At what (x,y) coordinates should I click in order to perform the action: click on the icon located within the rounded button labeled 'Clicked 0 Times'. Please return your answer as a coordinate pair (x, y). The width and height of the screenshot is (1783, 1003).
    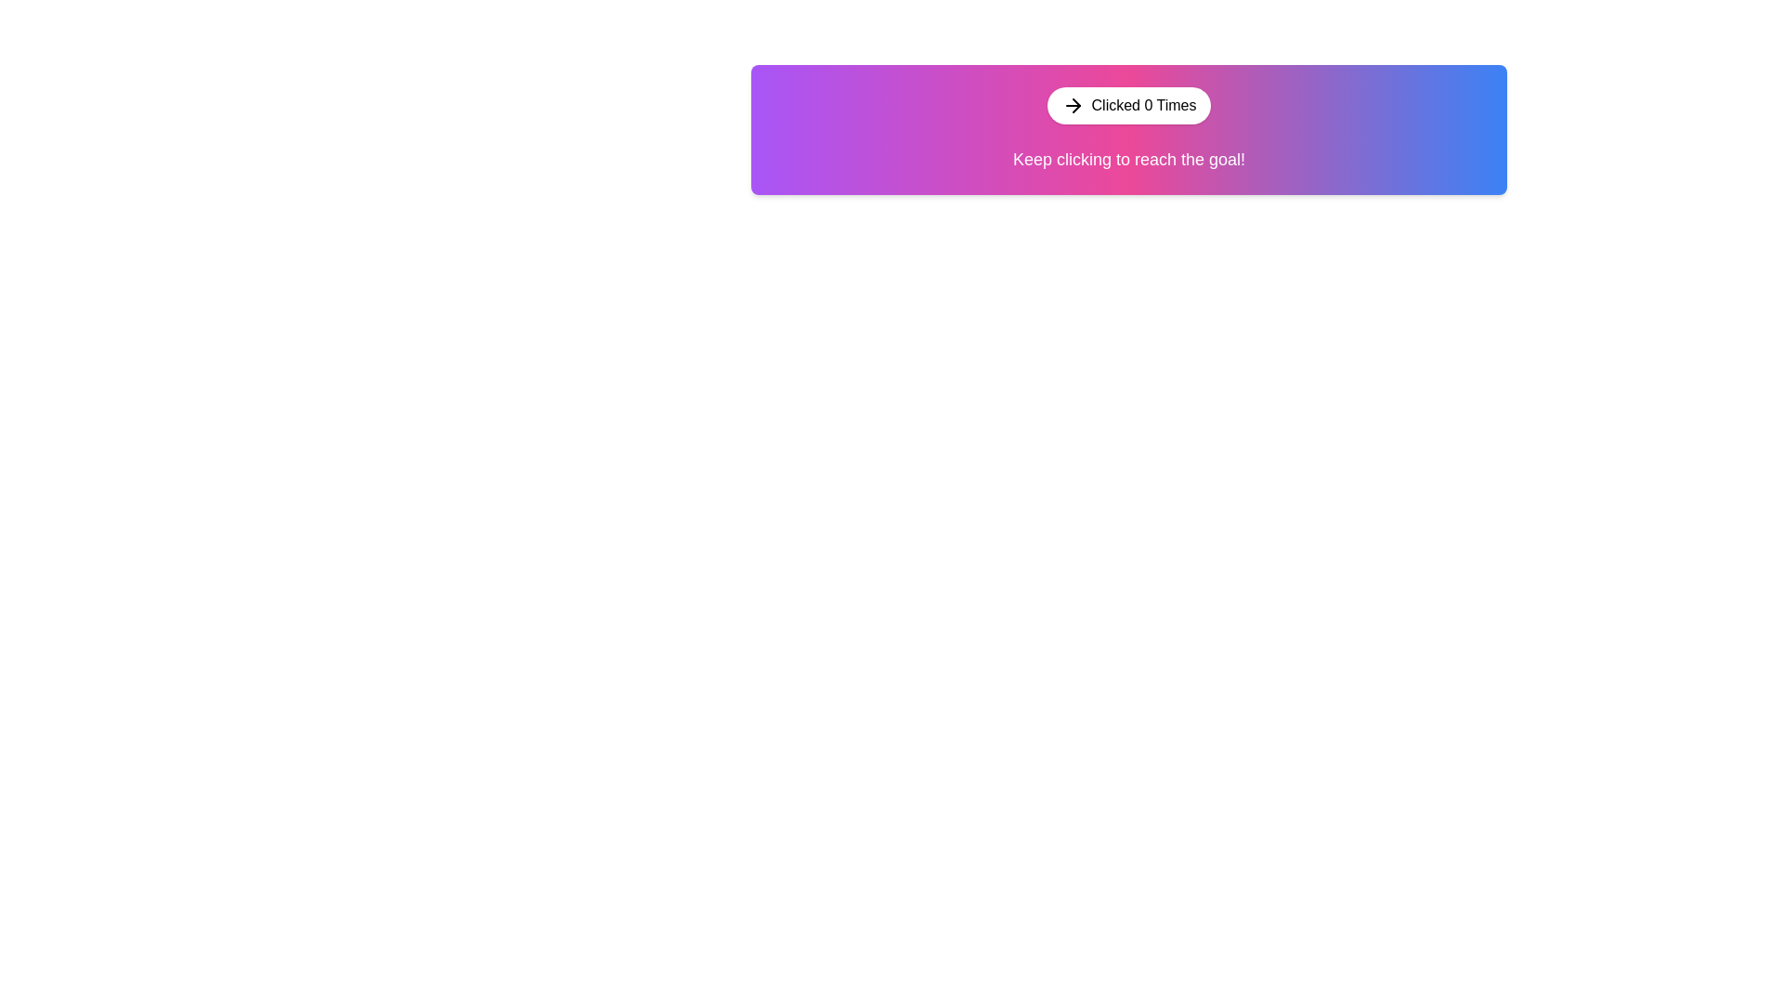
    Looking at the image, I should click on (1073, 106).